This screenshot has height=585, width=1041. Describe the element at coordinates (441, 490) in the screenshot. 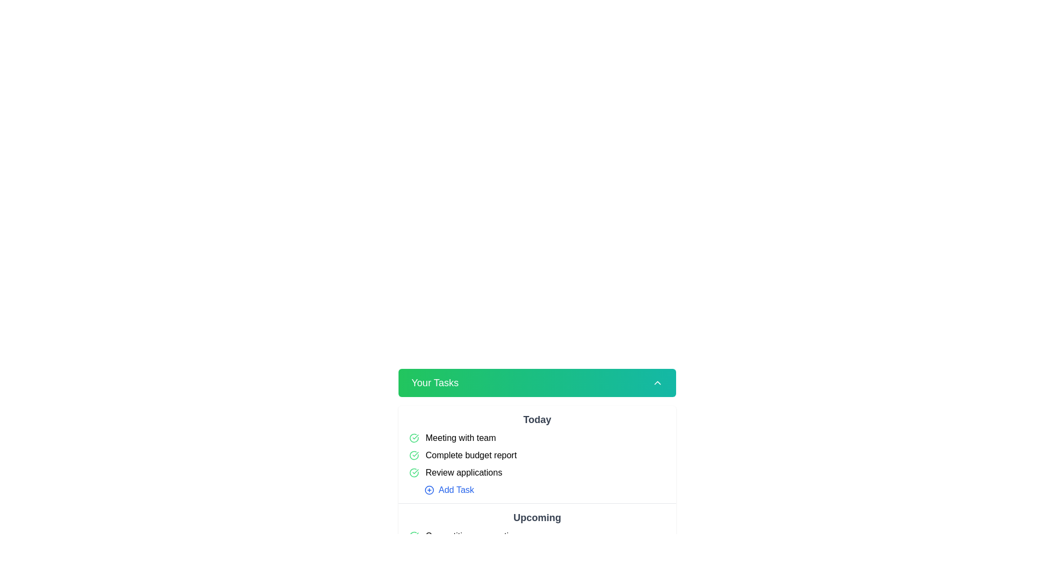

I see `the 'Add Task' button with a plus sign icon located beneath the list of tasks in the 'Today' section for additional information` at that location.